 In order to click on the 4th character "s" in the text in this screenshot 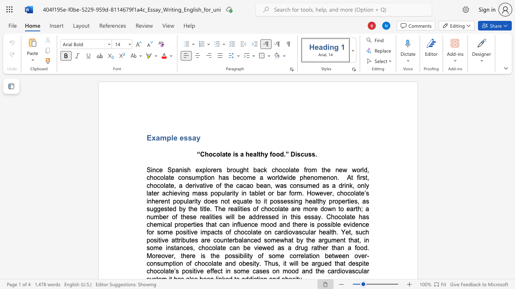, I will do `click(313, 154)`.